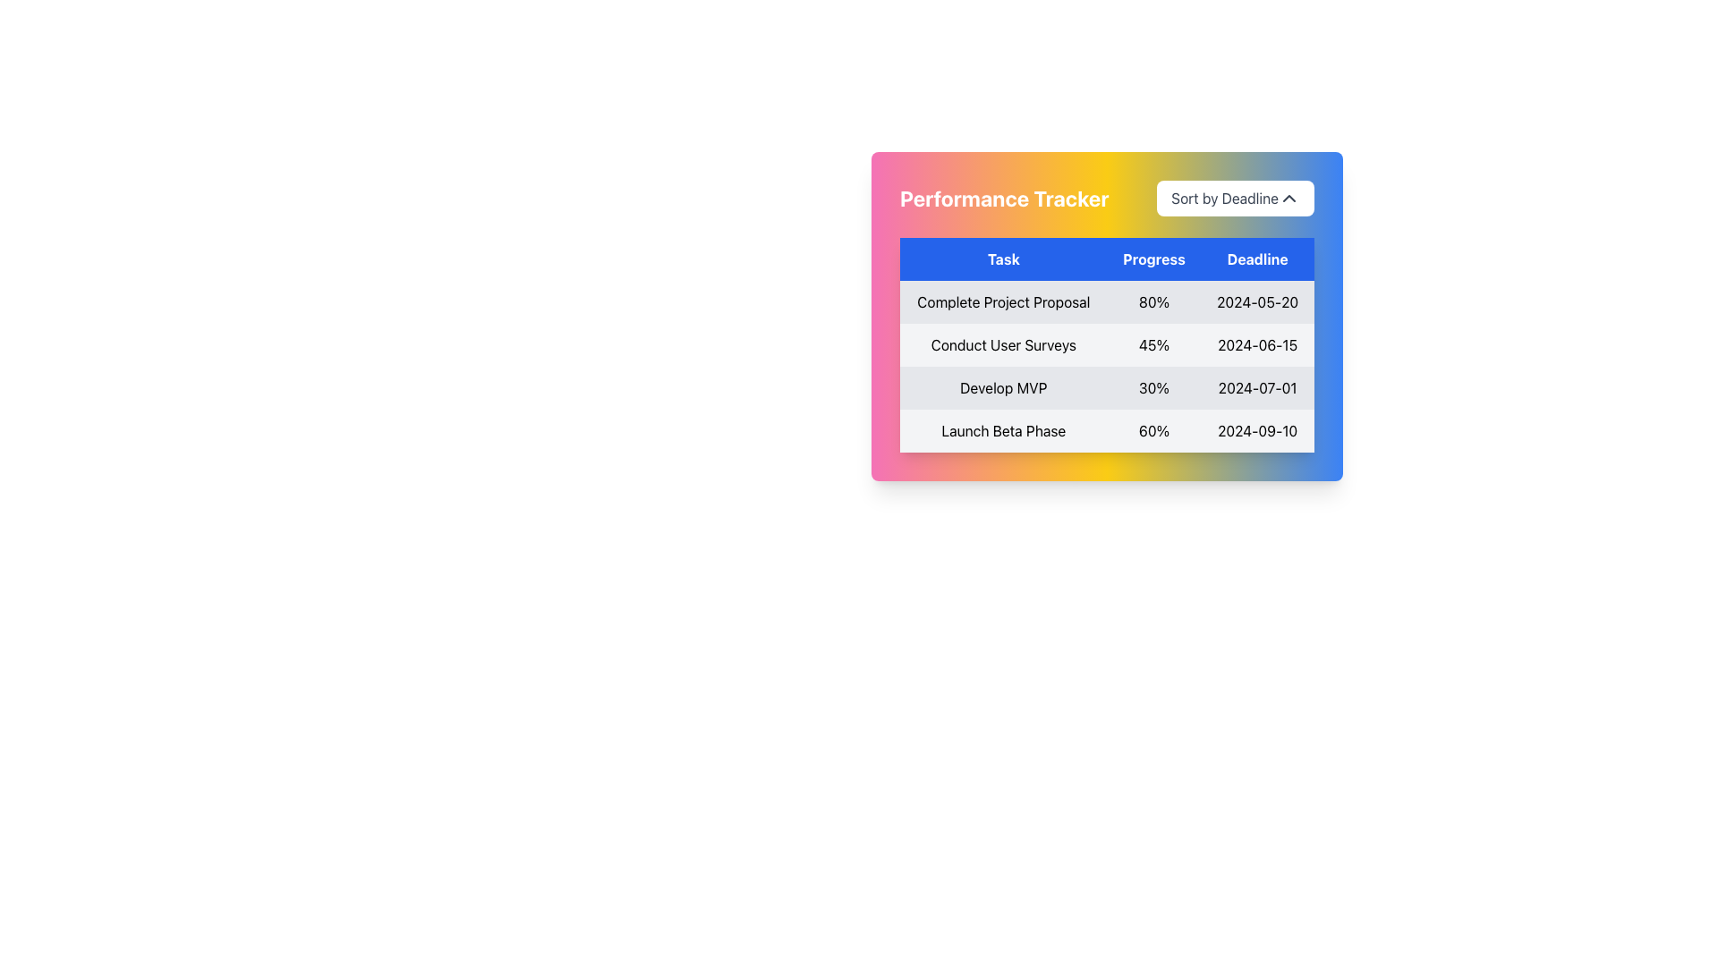 The height and width of the screenshot is (966, 1718). What do you see at coordinates (1154, 431) in the screenshot?
I see `the text label displaying '60%' in bold, black font on a light grey background, located in the second column of the last row of the 'Performance Tracker' card` at bounding box center [1154, 431].